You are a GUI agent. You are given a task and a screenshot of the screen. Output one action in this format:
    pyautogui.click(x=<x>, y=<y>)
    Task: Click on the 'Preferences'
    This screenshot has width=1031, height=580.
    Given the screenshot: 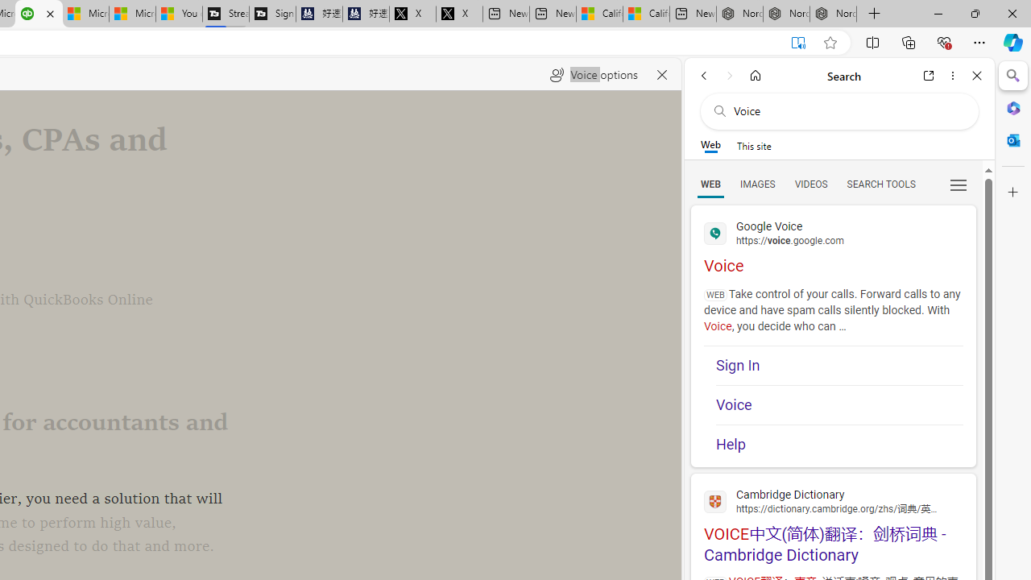 What is the action you would take?
    pyautogui.click(x=958, y=183)
    